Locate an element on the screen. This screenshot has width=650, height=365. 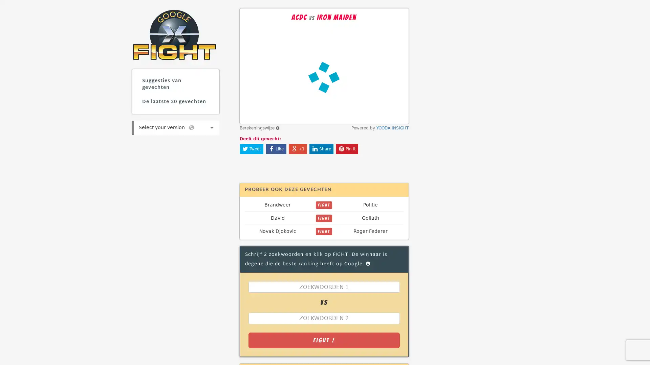
Fight ! is located at coordinates (323, 340).